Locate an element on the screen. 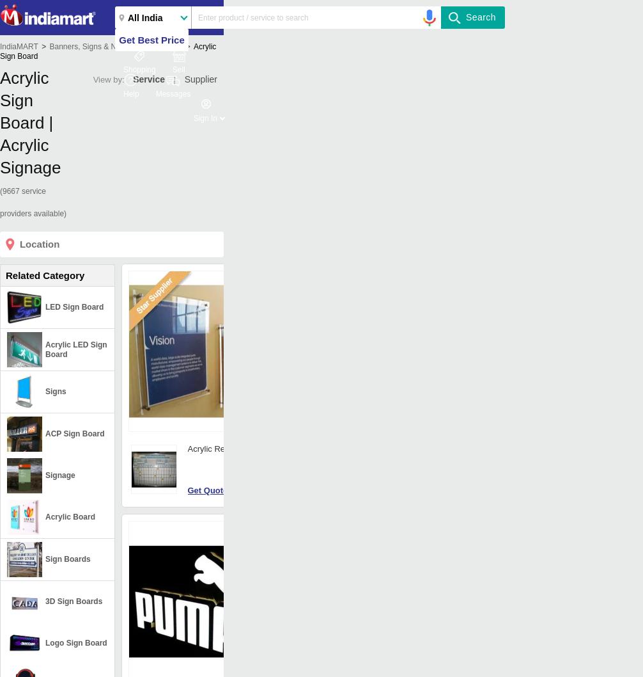 The height and width of the screenshot is (677, 643). ':  LED' is located at coordinates (364, 603).